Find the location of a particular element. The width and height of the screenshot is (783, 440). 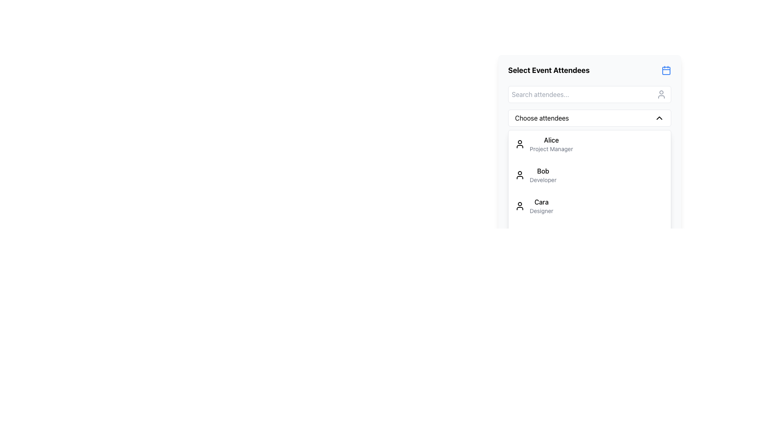

the first label in the list of selectable items displaying 'Alice' and 'Project Manager', located under the 'Choose attendees' section is located at coordinates (551, 144).